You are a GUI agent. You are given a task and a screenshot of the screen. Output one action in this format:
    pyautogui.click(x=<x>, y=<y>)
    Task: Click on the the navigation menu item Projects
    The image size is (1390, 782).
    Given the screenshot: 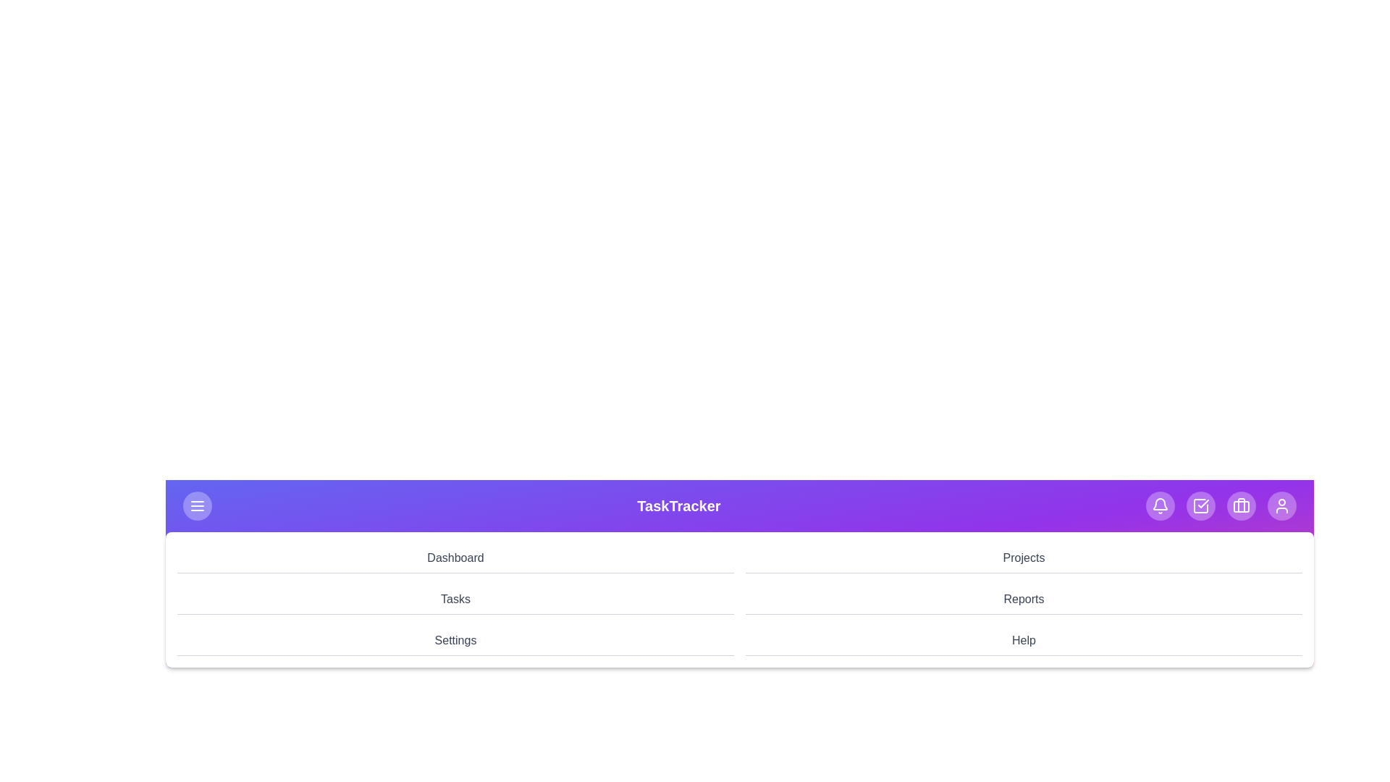 What is the action you would take?
    pyautogui.click(x=1023, y=558)
    